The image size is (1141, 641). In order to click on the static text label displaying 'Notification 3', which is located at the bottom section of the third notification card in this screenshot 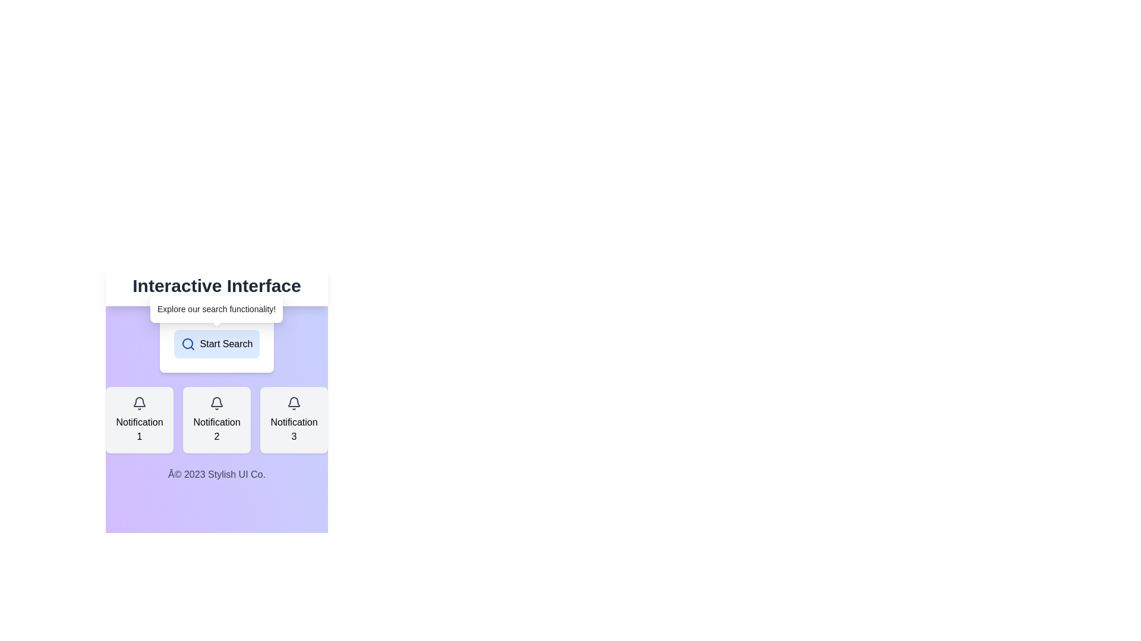, I will do `click(294, 430)`.